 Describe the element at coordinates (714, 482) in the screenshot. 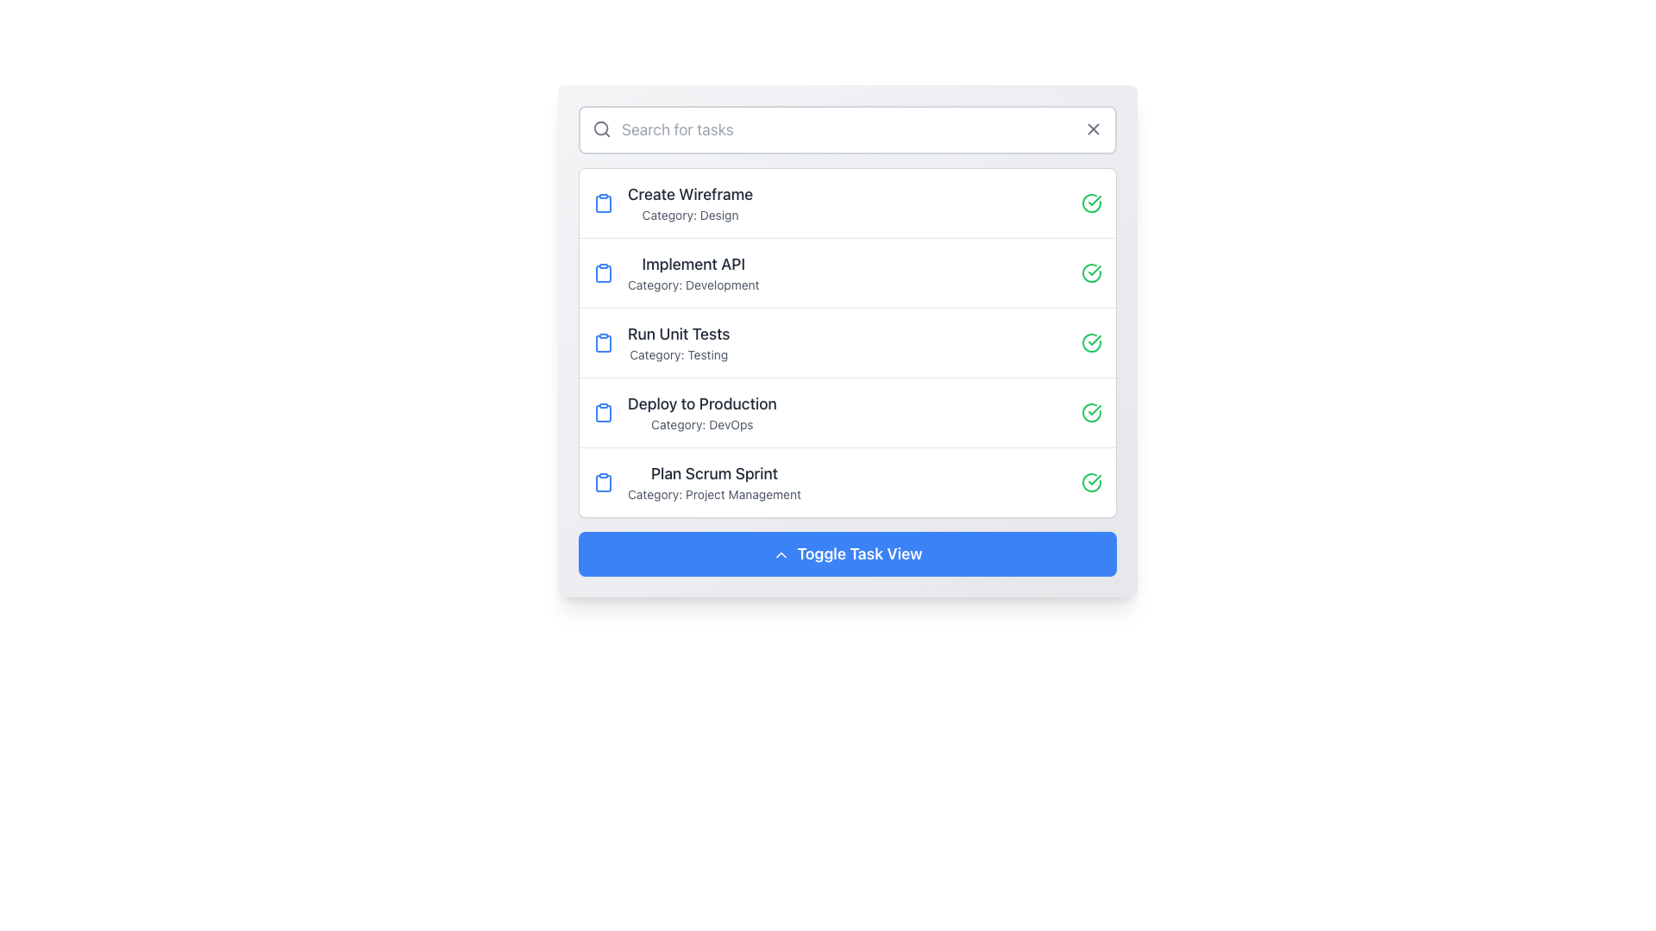

I see `the list item displaying 'Plan Scrum Sprint' with a subtext of 'Category: Project Management'` at that location.